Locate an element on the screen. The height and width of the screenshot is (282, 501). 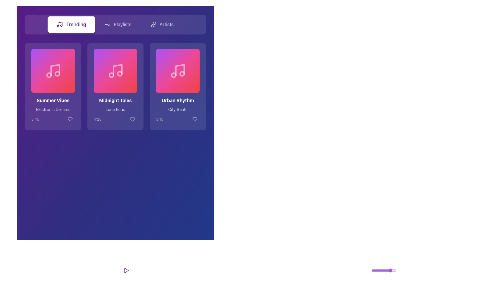
the triangular-shaped graphical decoration filled with a gradient from purple to red, located centrally on the music note icon in the 'Summer Vibes' card is located at coordinates (54, 71).